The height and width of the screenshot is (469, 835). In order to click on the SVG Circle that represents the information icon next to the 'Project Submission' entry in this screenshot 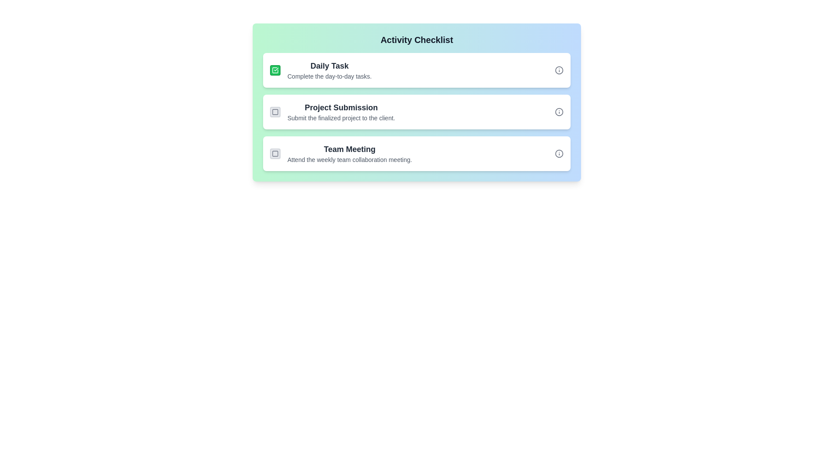, I will do `click(559, 112)`.